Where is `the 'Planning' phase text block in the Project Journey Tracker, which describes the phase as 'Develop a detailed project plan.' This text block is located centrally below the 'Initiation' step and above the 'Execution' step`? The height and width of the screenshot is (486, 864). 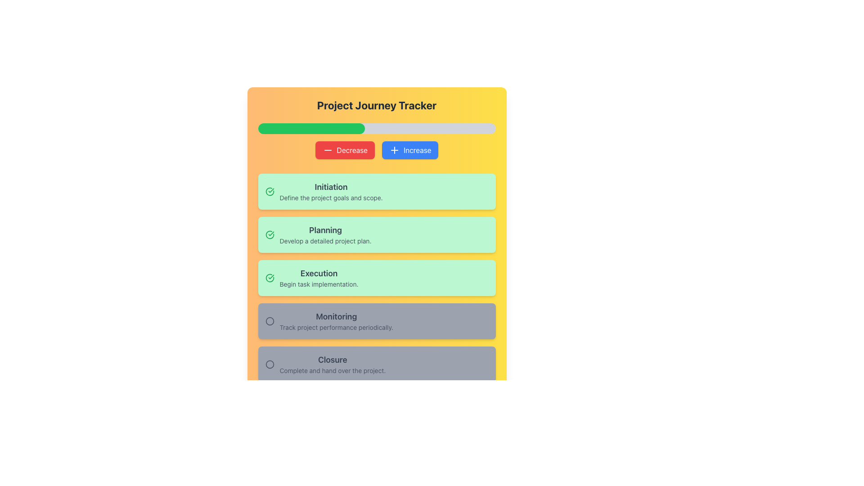 the 'Planning' phase text block in the Project Journey Tracker, which describes the phase as 'Develop a detailed project plan.' This text block is located centrally below the 'Initiation' step and above the 'Execution' step is located at coordinates (325, 234).